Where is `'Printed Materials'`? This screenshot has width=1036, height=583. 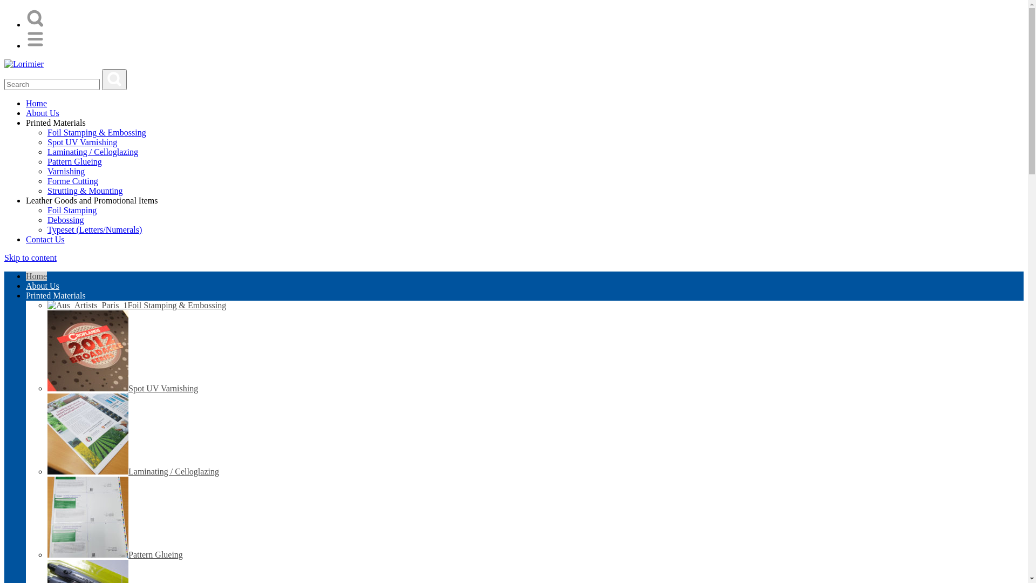
'Printed Materials' is located at coordinates (55, 122).